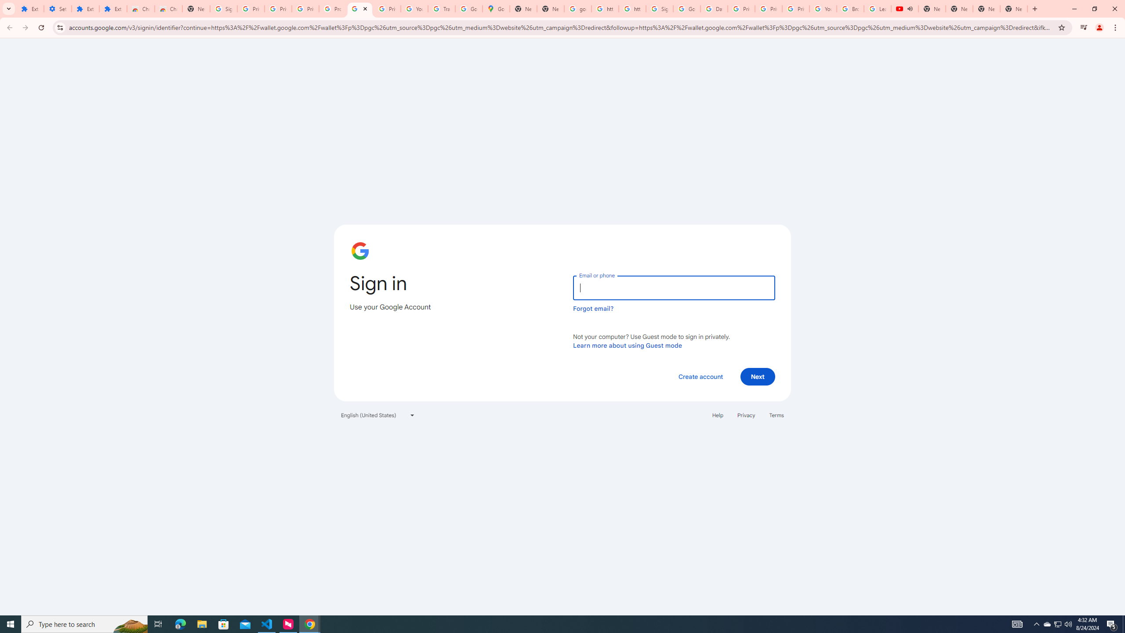 This screenshot has height=633, width=1125. I want to click on 'Extensions', so click(112, 8).